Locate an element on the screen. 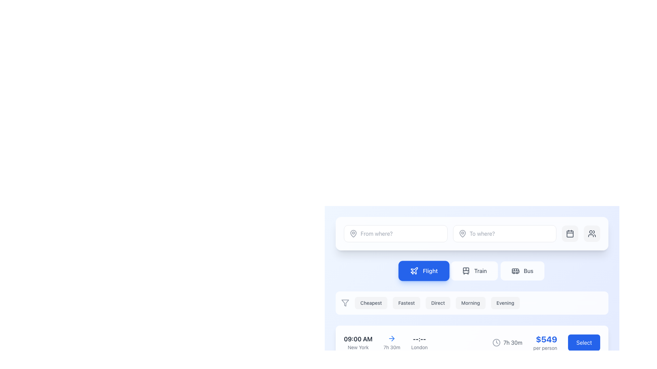 This screenshot has width=657, height=369. the rounded rectangular button with a light gray background and a calendar icon to trigger the date selection functionality is located at coordinates (570, 233).